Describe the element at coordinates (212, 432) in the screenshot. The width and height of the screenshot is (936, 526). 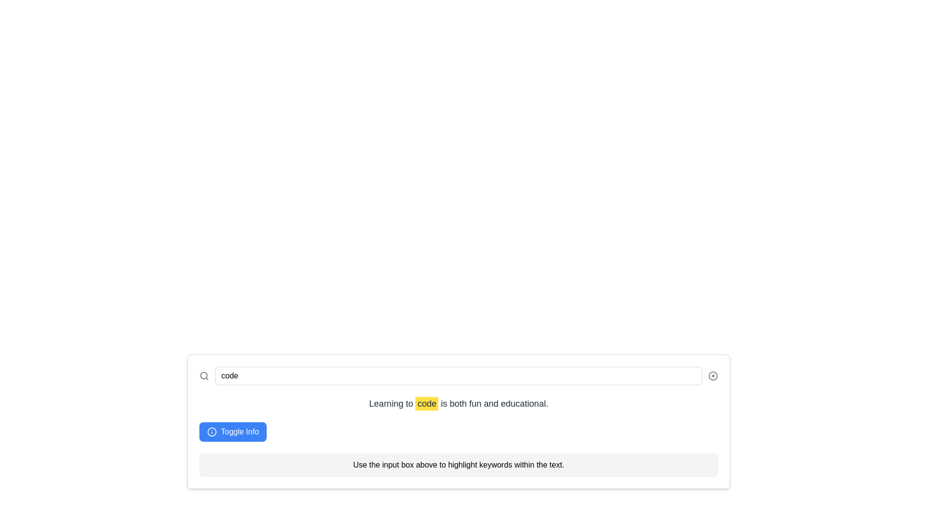
I see `the 'info' icon which is styled in a circular design with a blue background and white strokes, located to the left of the 'Toggle Info' button` at that location.